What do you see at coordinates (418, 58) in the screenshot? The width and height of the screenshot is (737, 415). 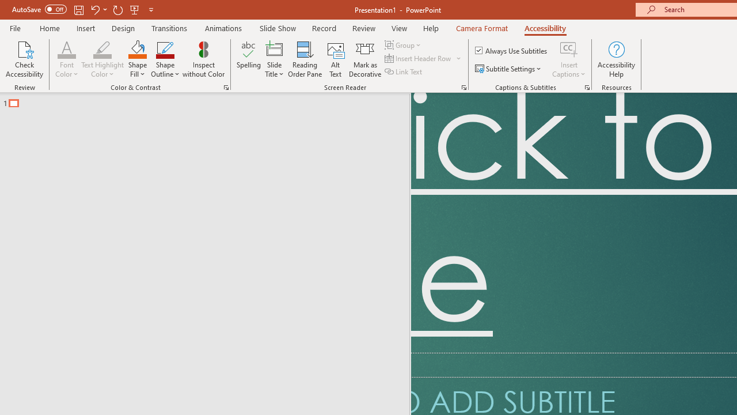 I see `'Insert Header Row'` at bounding box center [418, 58].